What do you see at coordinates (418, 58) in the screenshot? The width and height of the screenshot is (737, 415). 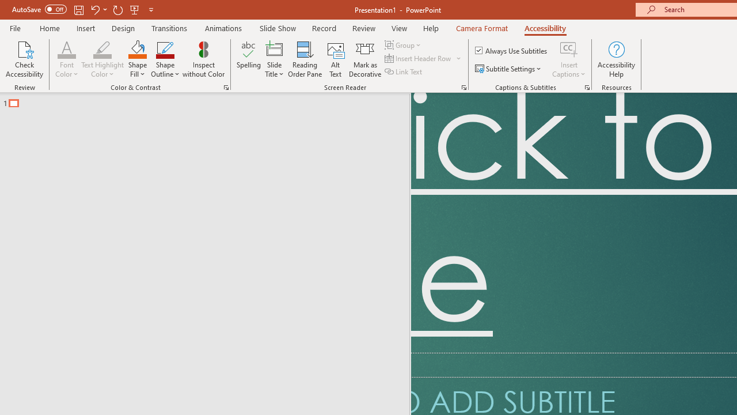 I see `'Insert Header Row'` at bounding box center [418, 58].